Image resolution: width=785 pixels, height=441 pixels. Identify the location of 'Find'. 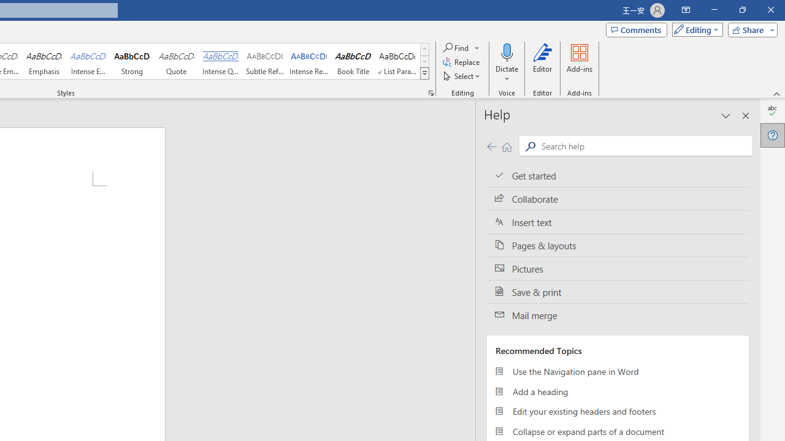
(461, 47).